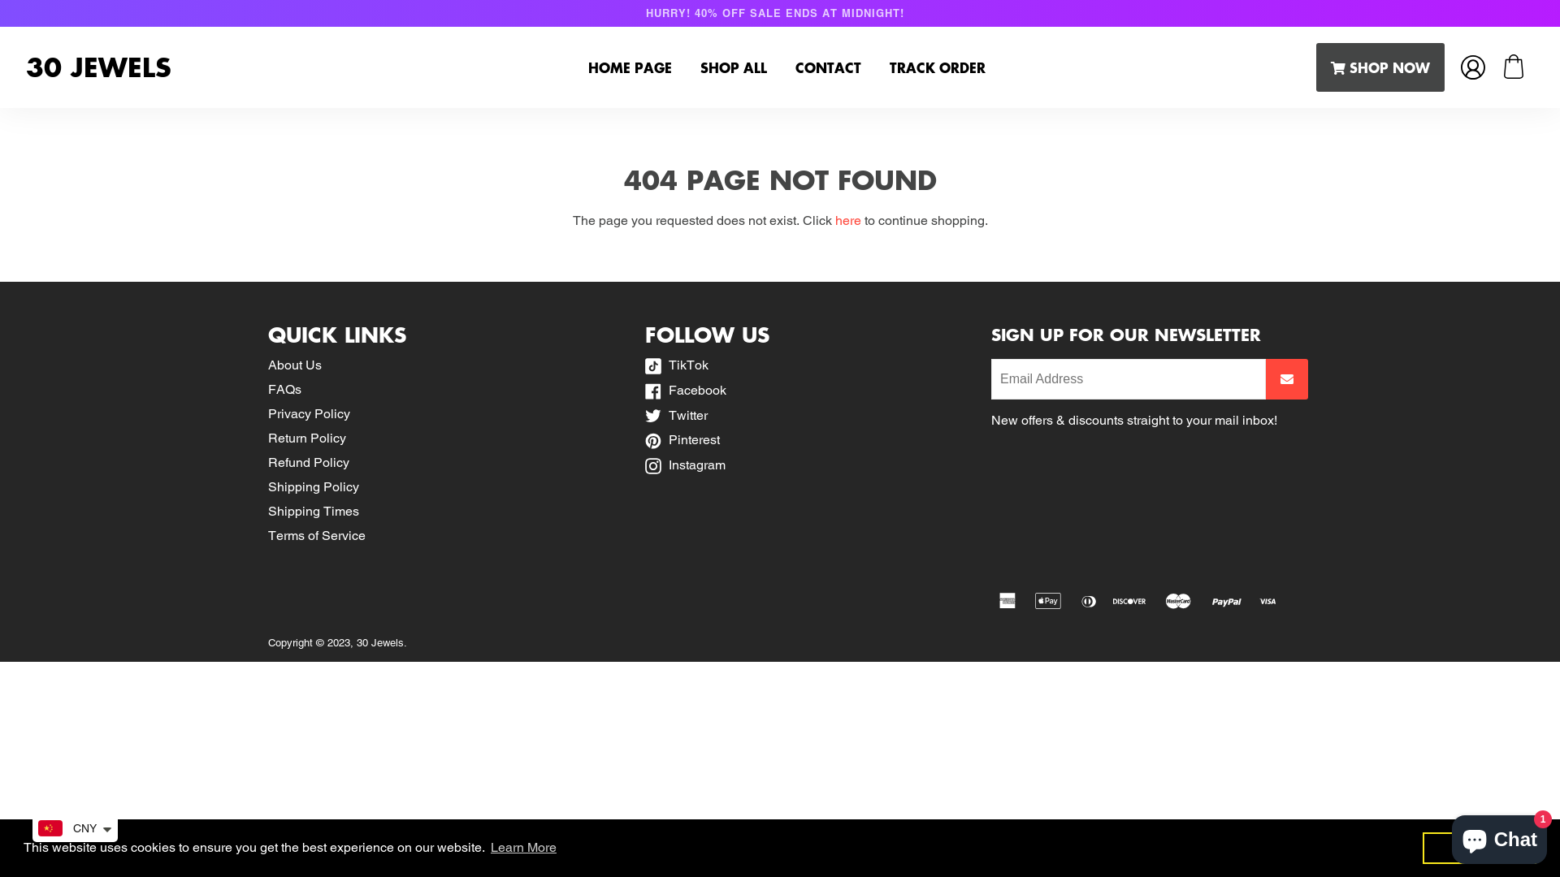 The width and height of the screenshot is (1560, 877). What do you see at coordinates (732, 67) in the screenshot?
I see `'SHOP ALL'` at bounding box center [732, 67].